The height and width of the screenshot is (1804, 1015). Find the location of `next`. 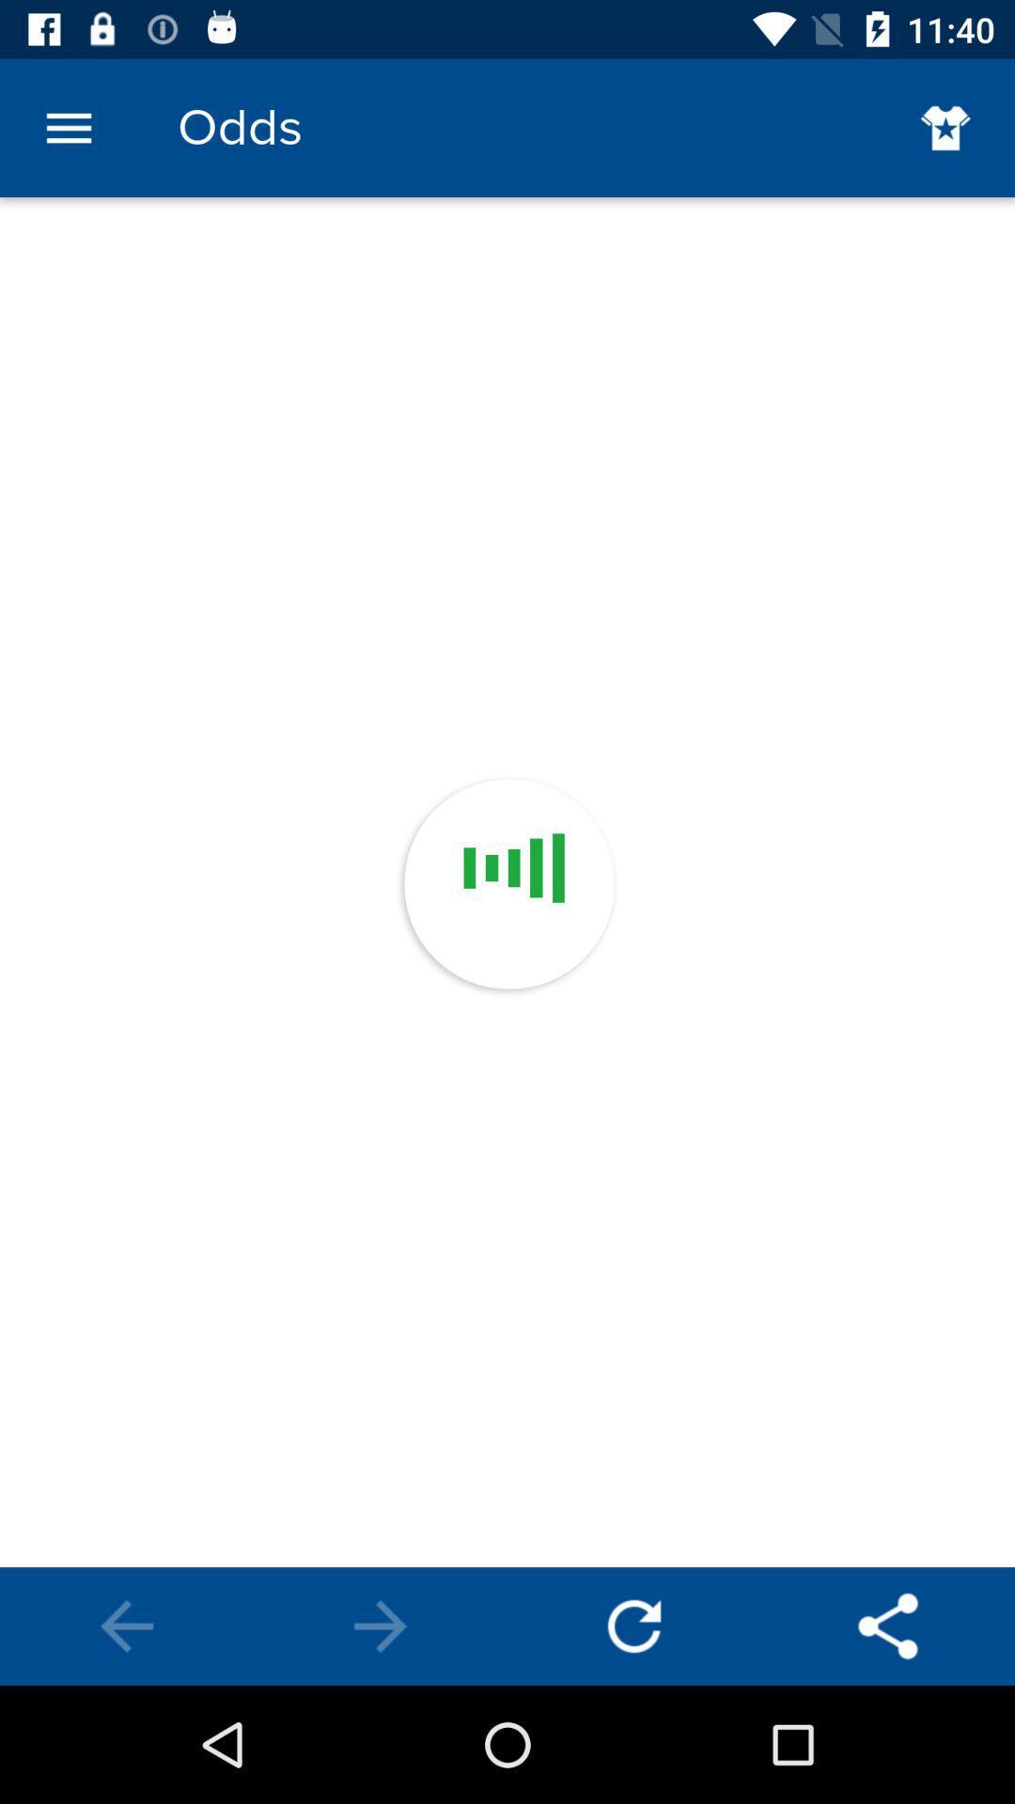

next is located at coordinates (381, 1625).